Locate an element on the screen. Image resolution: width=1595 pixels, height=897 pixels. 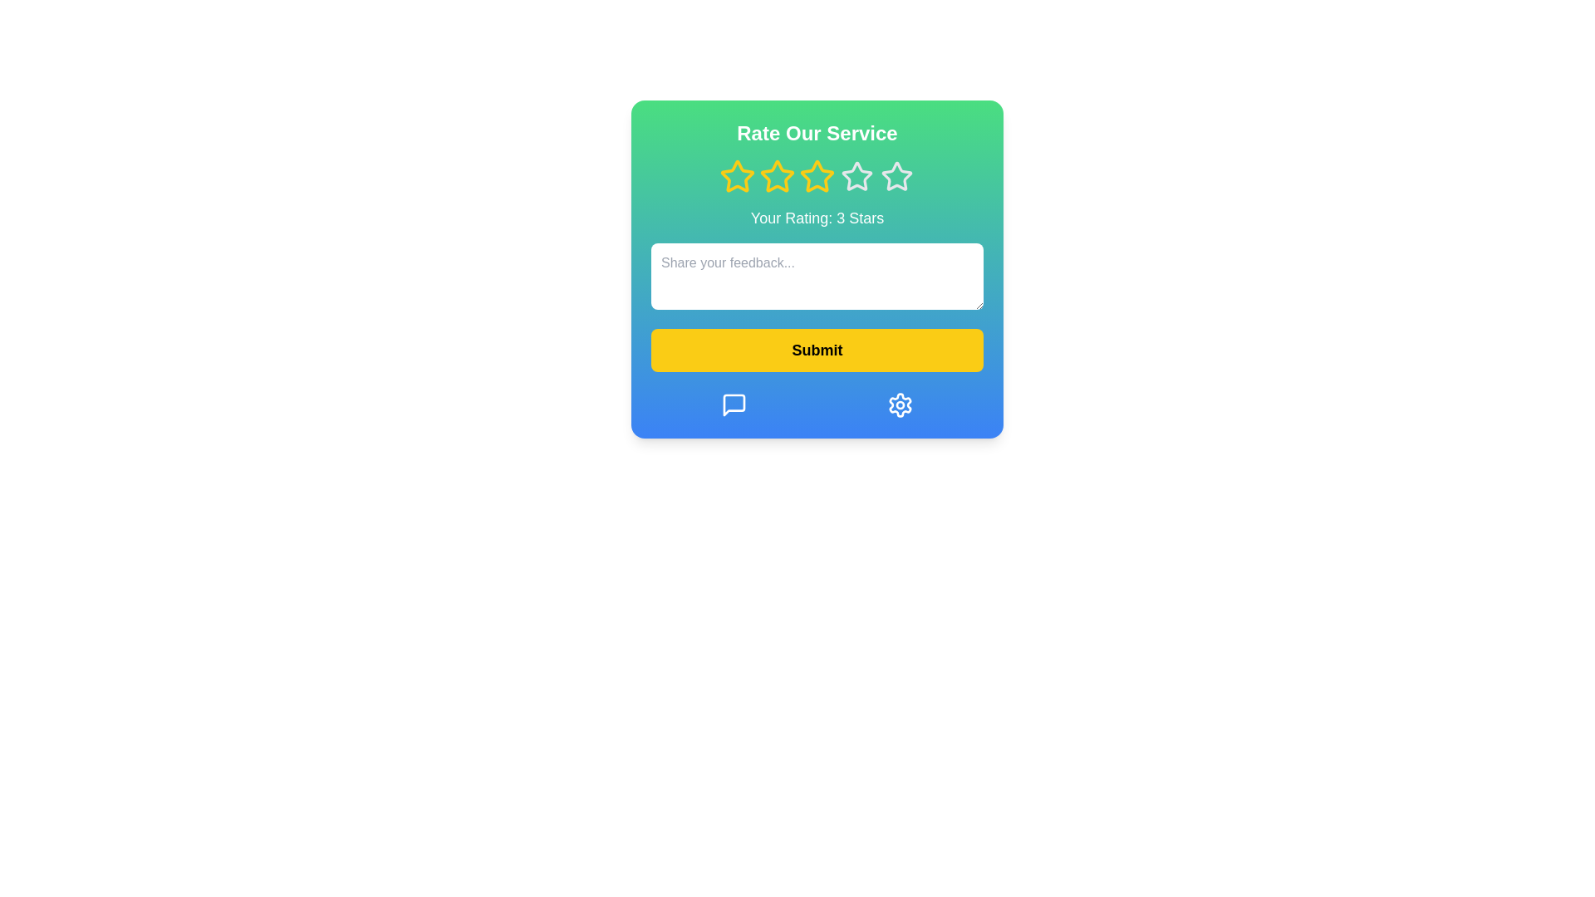
the TextLabel that displays the current user rating, which is located immediately below the star rating row and is horizontally centered within the card is located at coordinates (817, 217).